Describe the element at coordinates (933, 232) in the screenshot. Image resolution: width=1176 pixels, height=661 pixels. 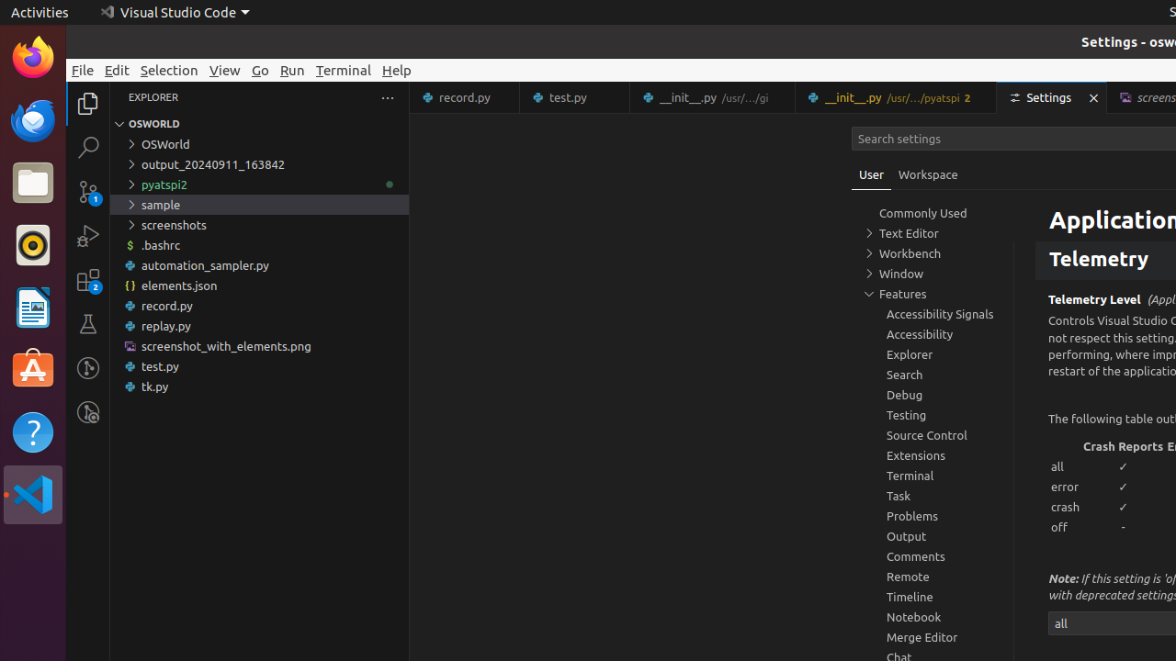
I see `'Text Editor, group'` at that location.